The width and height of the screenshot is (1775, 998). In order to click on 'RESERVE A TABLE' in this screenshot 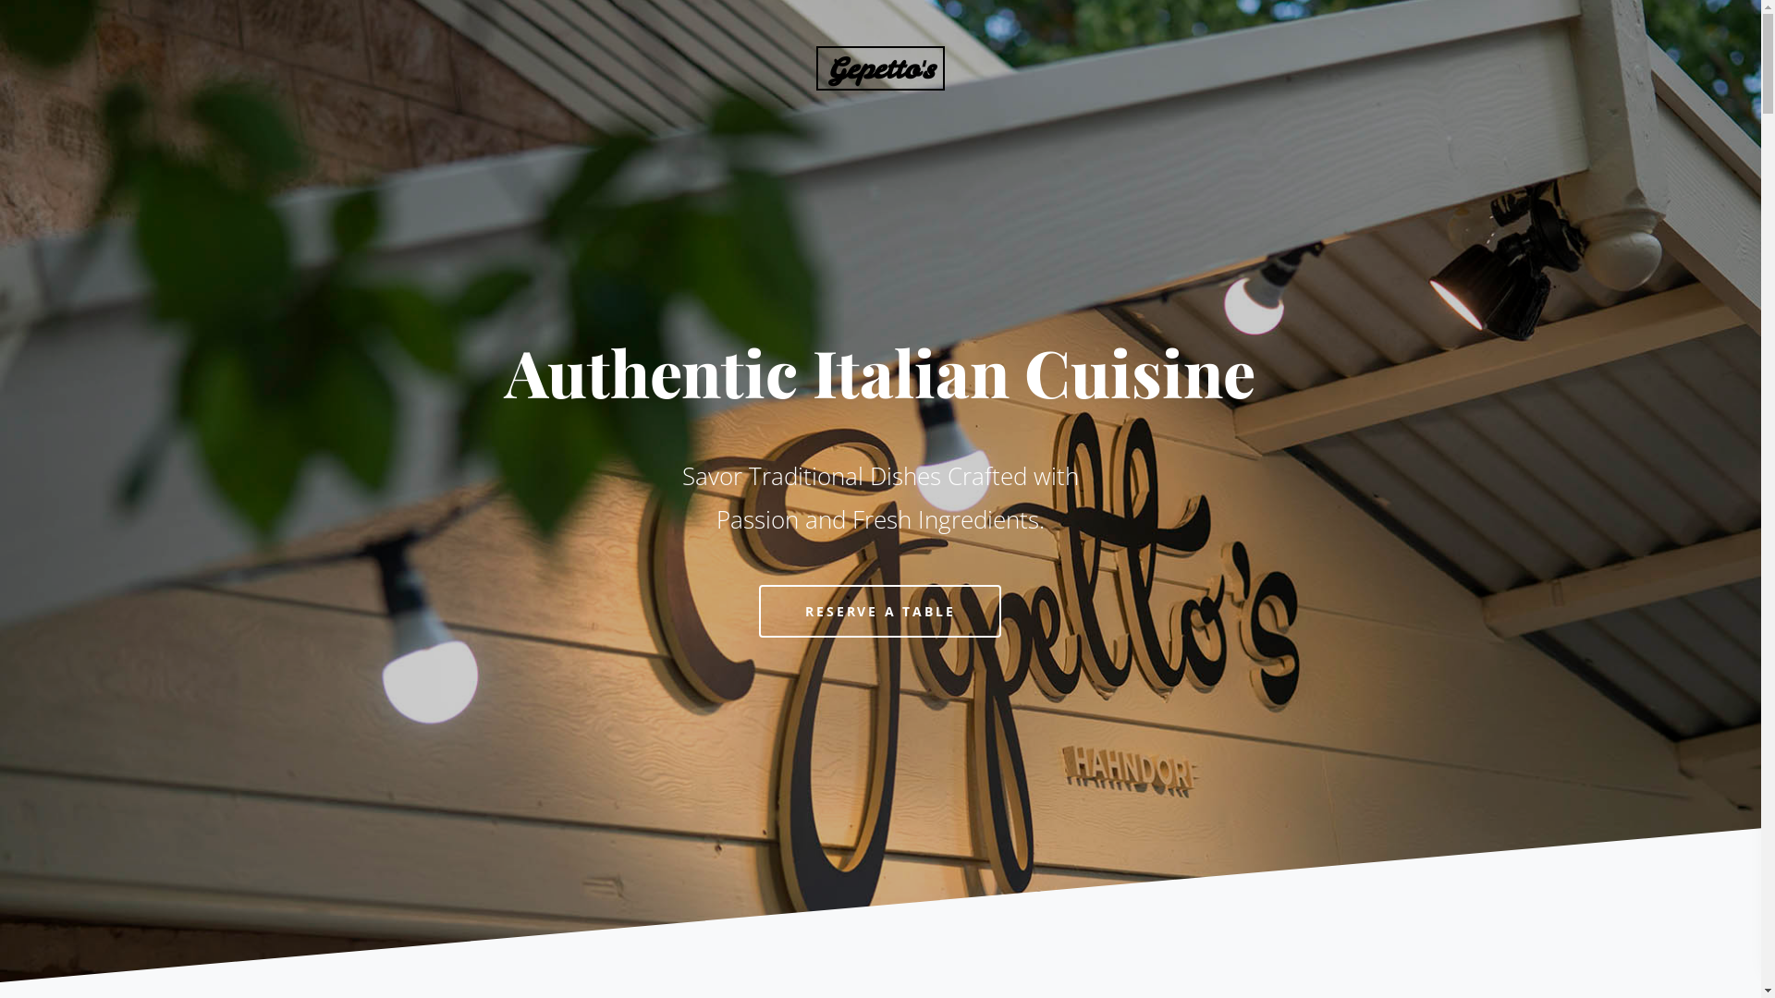, I will do `click(878, 611)`.